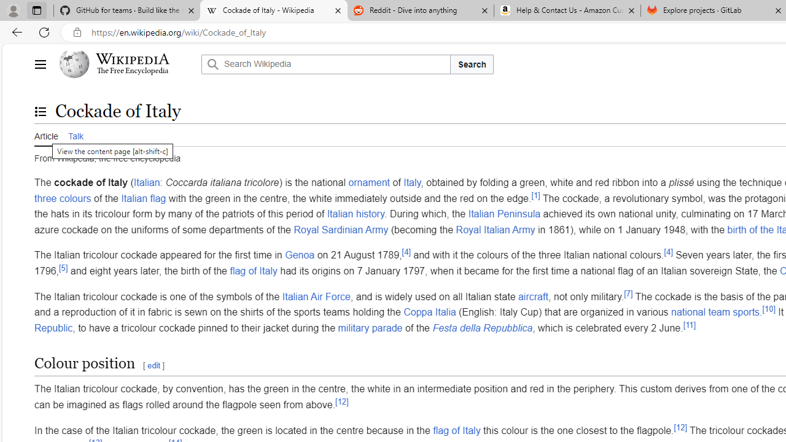 Image resolution: width=786 pixels, height=442 pixels. I want to click on 'Article', so click(46, 134).